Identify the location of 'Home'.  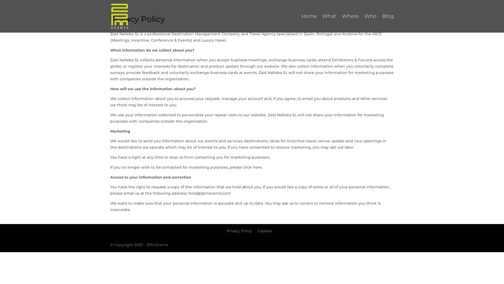
(309, 23).